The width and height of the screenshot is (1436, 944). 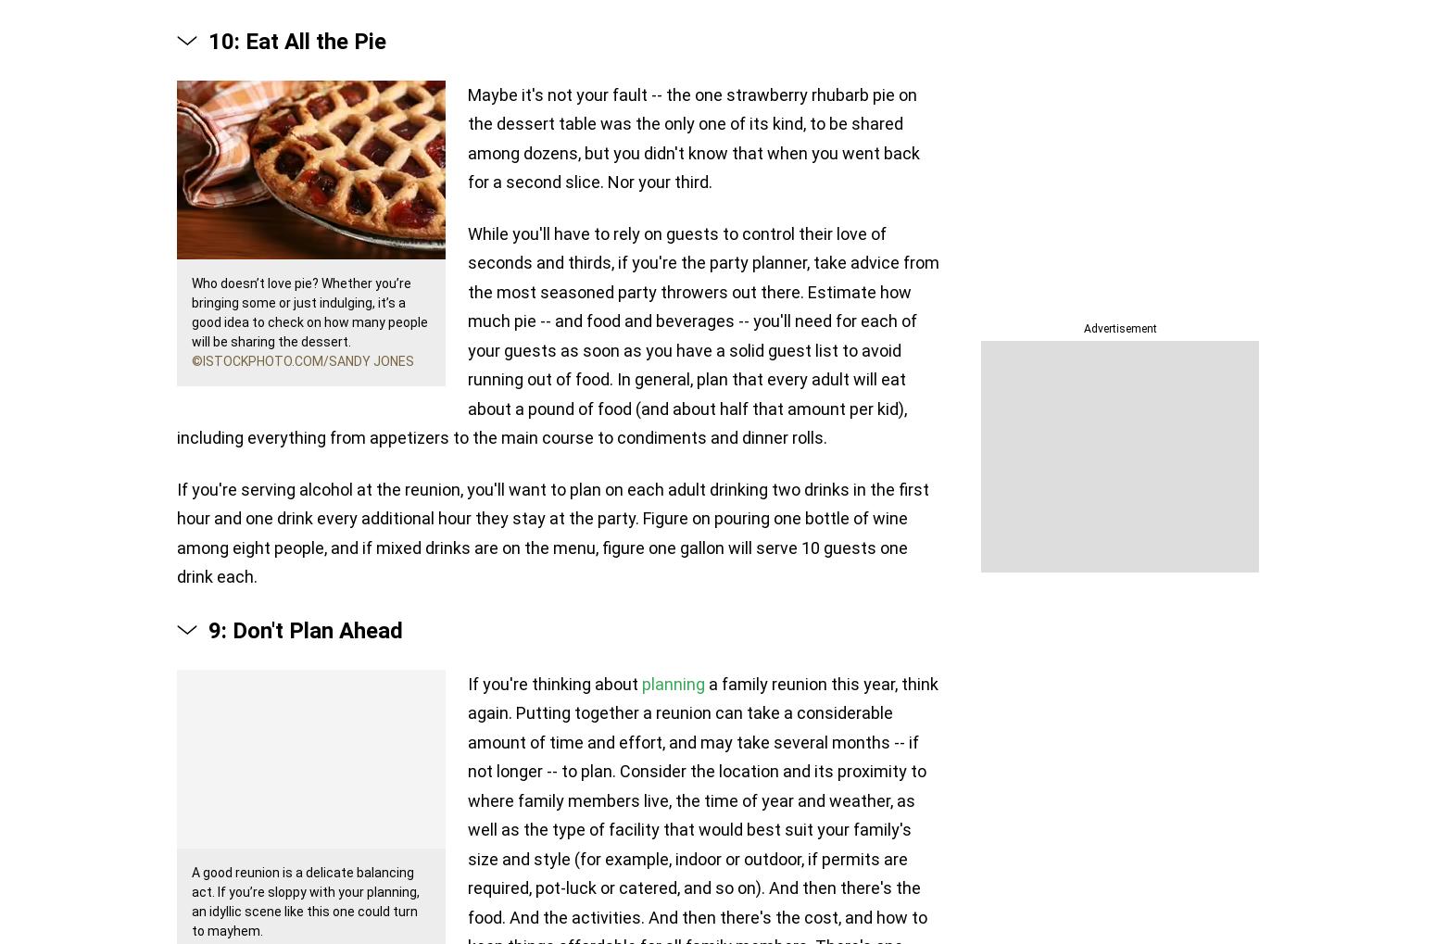 I want to click on 'Who doesn’t love pie? Whether you’re bringing some or just indulging, it’s a good idea to check on how many people will be sharing the dessert.', so click(x=190, y=311).